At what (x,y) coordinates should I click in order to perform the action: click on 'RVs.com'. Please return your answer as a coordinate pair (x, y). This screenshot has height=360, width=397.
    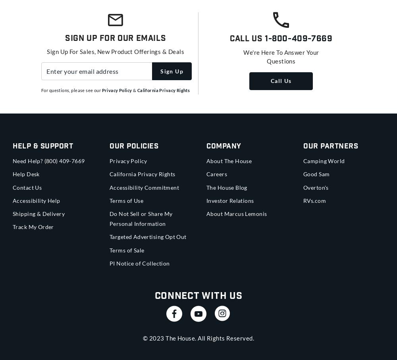
    Looking at the image, I should click on (314, 200).